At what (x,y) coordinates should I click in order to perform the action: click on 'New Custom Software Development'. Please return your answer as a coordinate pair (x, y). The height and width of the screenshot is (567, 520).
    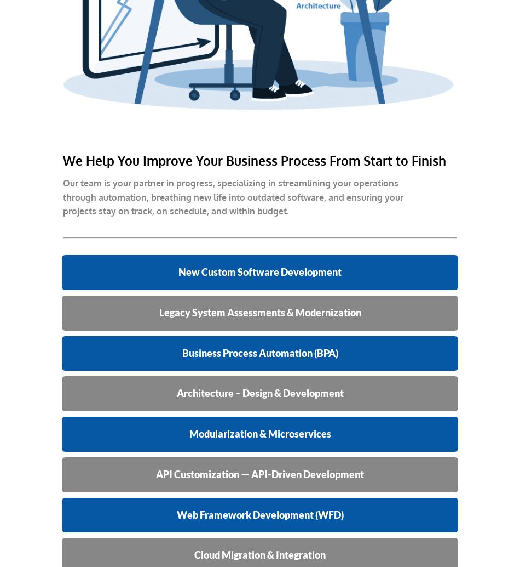
    Looking at the image, I should click on (260, 270).